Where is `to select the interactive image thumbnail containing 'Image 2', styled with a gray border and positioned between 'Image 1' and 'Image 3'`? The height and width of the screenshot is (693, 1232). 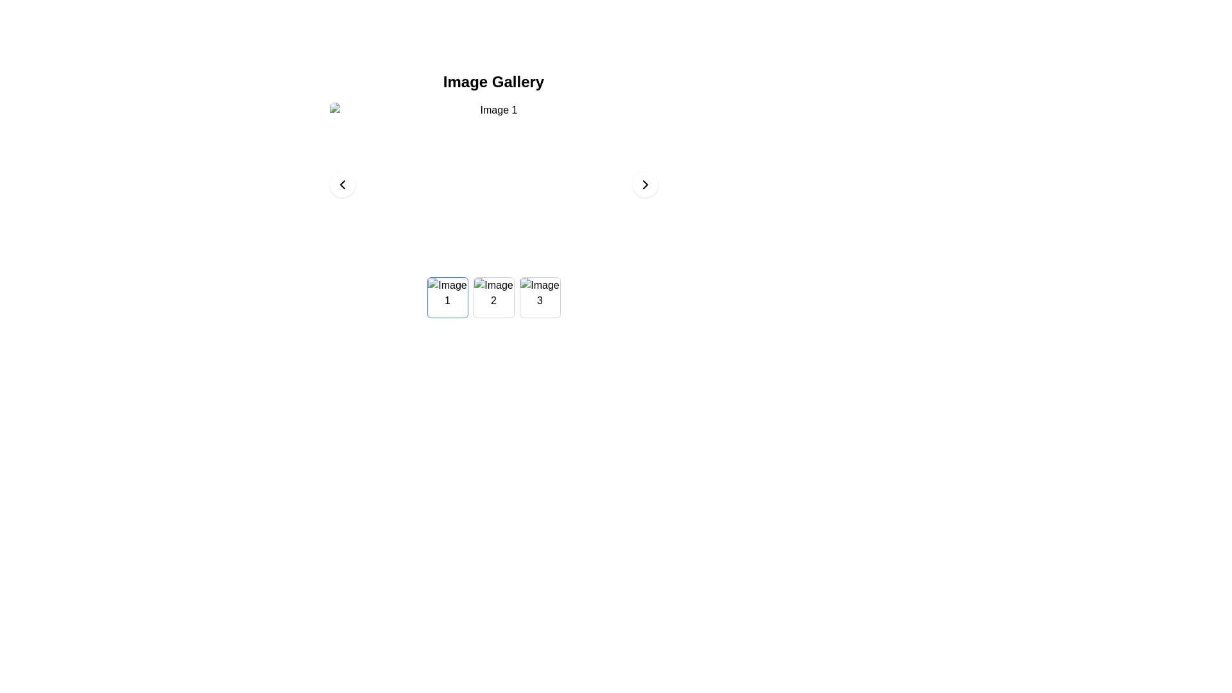 to select the interactive image thumbnail containing 'Image 2', styled with a gray border and positioned between 'Image 1' and 'Image 3' is located at coordinates (493, 297).